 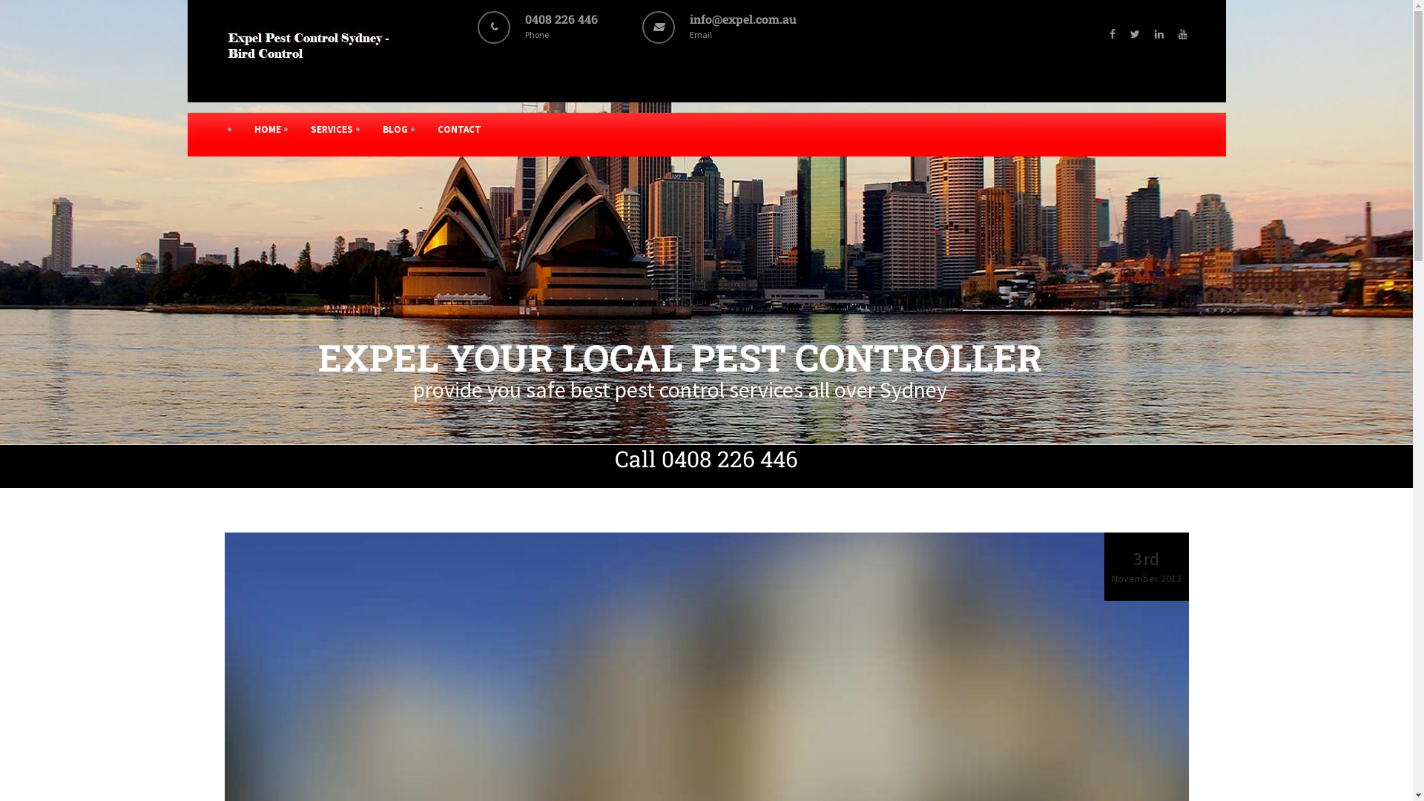 I want to click on 'SERVICES', so click(x=330, y=128).